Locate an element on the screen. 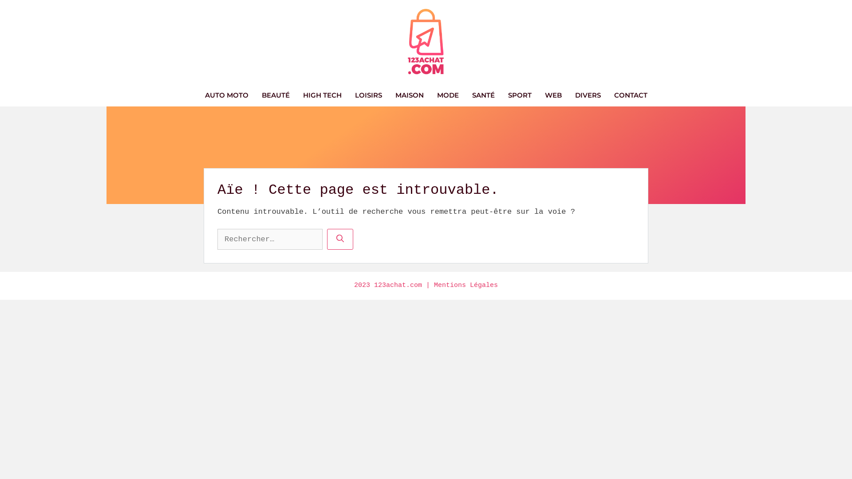 The height and width of the screenshot is (479, 852). 'MAISON' is located at coordinates (409, 95).